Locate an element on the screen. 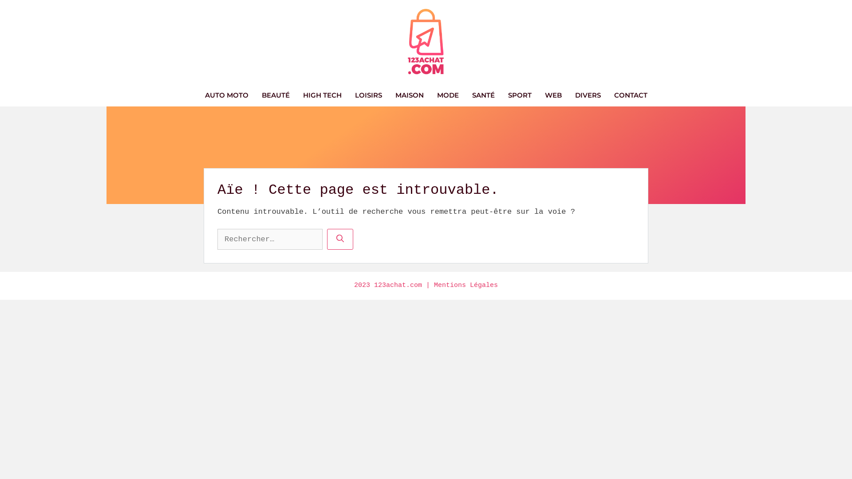 The height and width of the screenshot is (479, 852). 'MAISON' is located at coordinates (409, 95).